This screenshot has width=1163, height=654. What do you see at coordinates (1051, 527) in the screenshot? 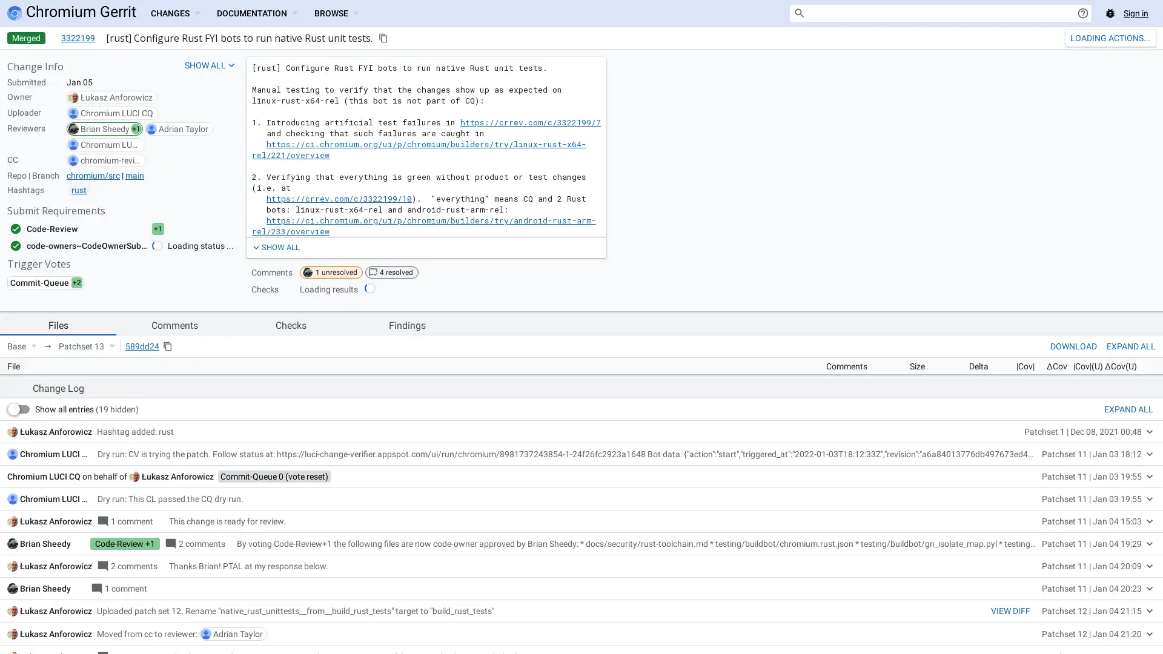
I see `INTERNAL` at bounding box center [1051, 527].